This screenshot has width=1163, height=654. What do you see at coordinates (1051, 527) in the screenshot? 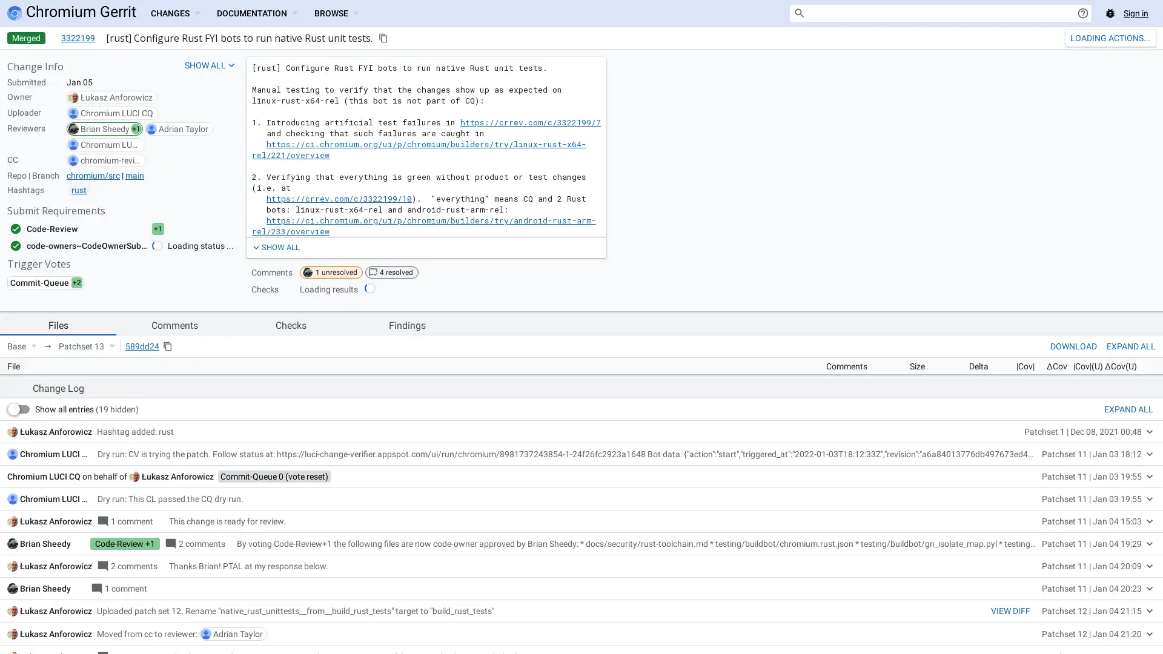
I see `INTERNAL` at bounding box center [1051, 527].